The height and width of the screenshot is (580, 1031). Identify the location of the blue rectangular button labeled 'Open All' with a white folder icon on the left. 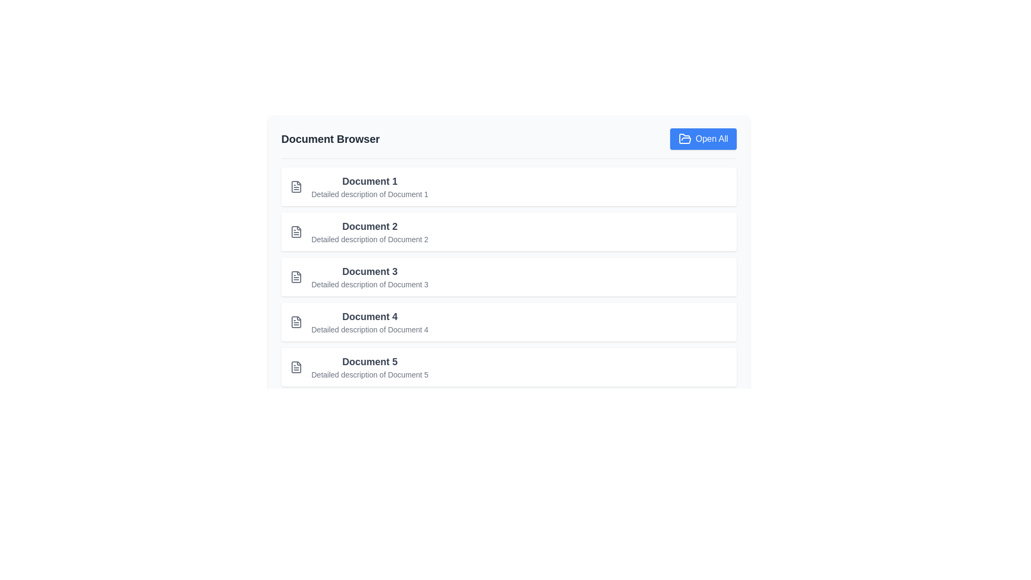
(703, 138).